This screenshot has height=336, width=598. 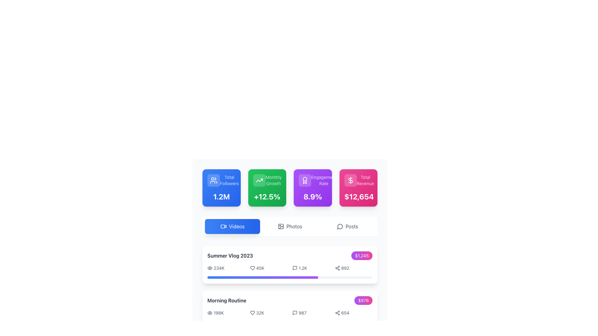 I want to click on the text label displaying 'Total Revenue' which is styled in white semi-transparent text within a vibrant pink box, positioned at the top-right corner of the interface, so click(x=365, y=180).